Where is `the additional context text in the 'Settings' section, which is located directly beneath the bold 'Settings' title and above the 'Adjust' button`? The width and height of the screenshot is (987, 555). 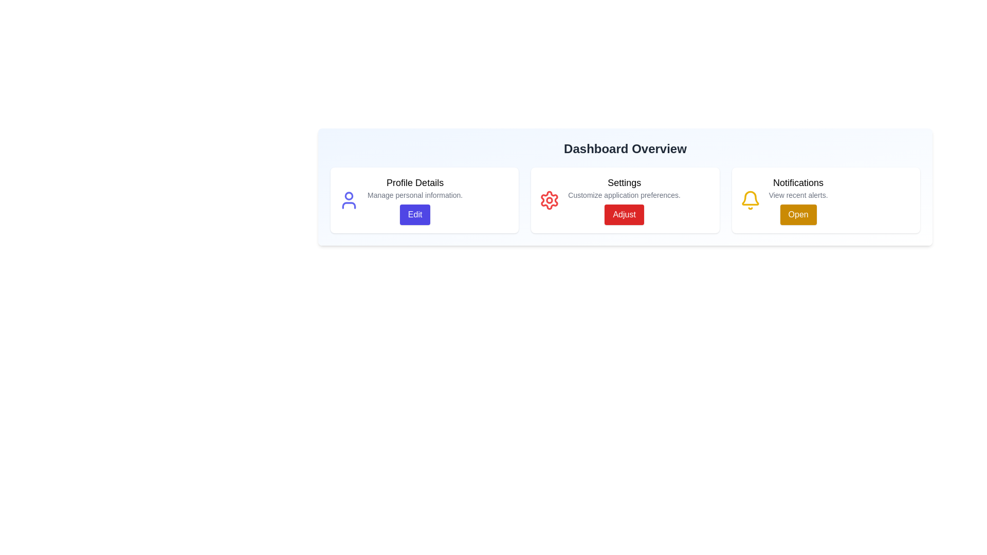 the additional context text in the 'Settings' section, which is located directly beneath the bold 'Settings' title and above the 'Adjust' button is located at coordinates (624, 195).